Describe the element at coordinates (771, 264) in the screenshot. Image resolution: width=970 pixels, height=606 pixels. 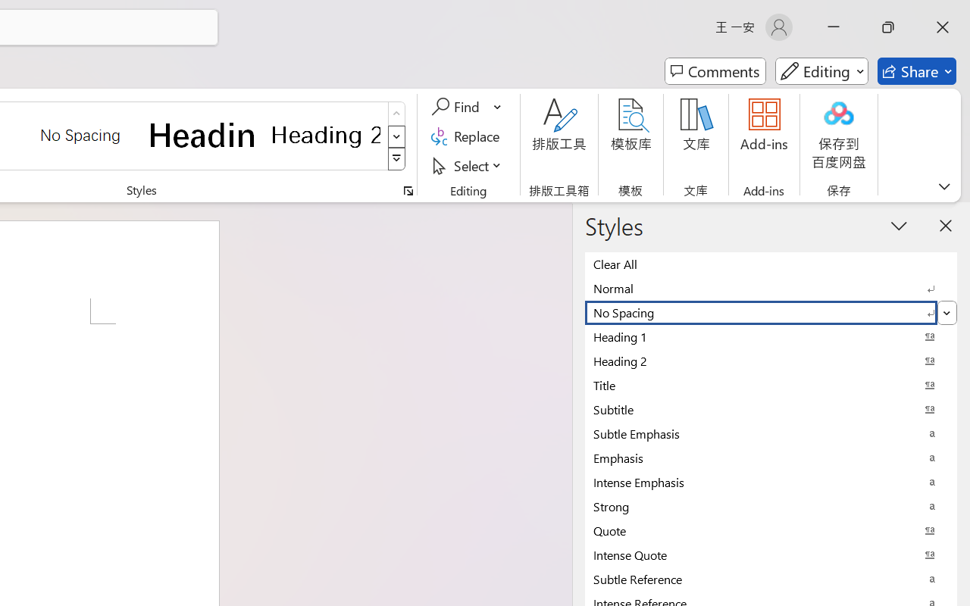
I see `'Clear All'` at that location.